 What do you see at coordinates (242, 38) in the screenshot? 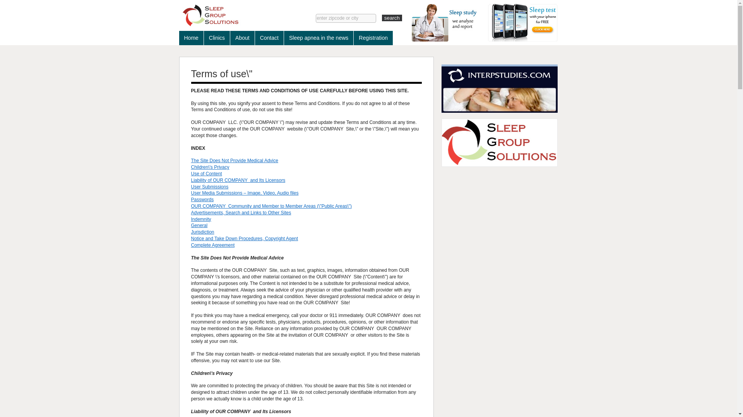
I see `'About'` at bounding box center [242, 38].